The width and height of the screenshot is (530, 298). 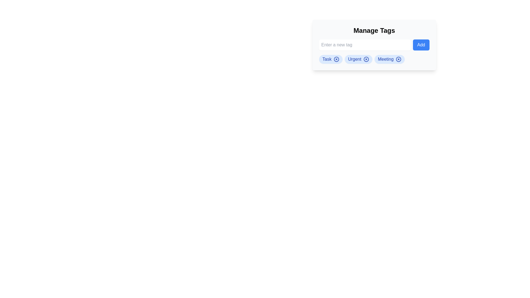 What do you see at coordinates (331, 59) in the screenshot?
I see `the rounded rectangular tag labeled 'Task' with a light blue background and removable 'X' icon` at bounding box center [331, 59].